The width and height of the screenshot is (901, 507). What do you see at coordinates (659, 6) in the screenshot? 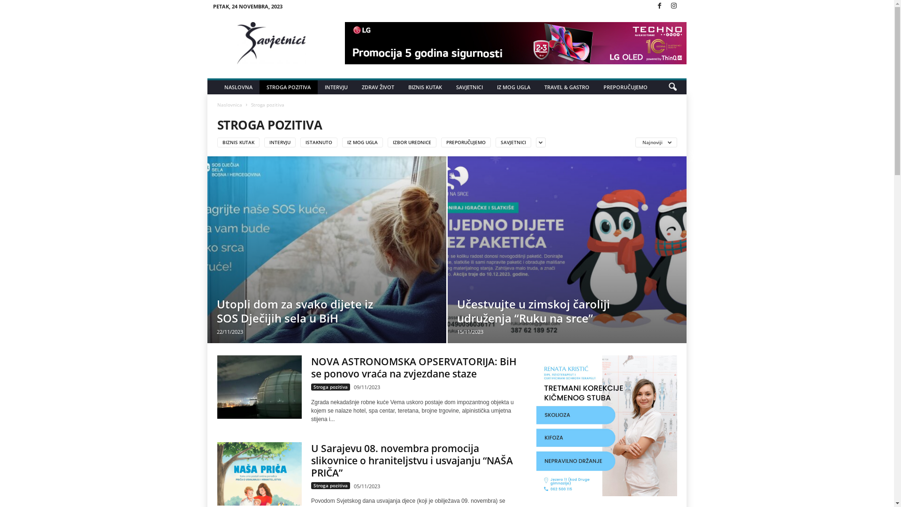
I see `'Facebook'` at bounding box center [659, 6].